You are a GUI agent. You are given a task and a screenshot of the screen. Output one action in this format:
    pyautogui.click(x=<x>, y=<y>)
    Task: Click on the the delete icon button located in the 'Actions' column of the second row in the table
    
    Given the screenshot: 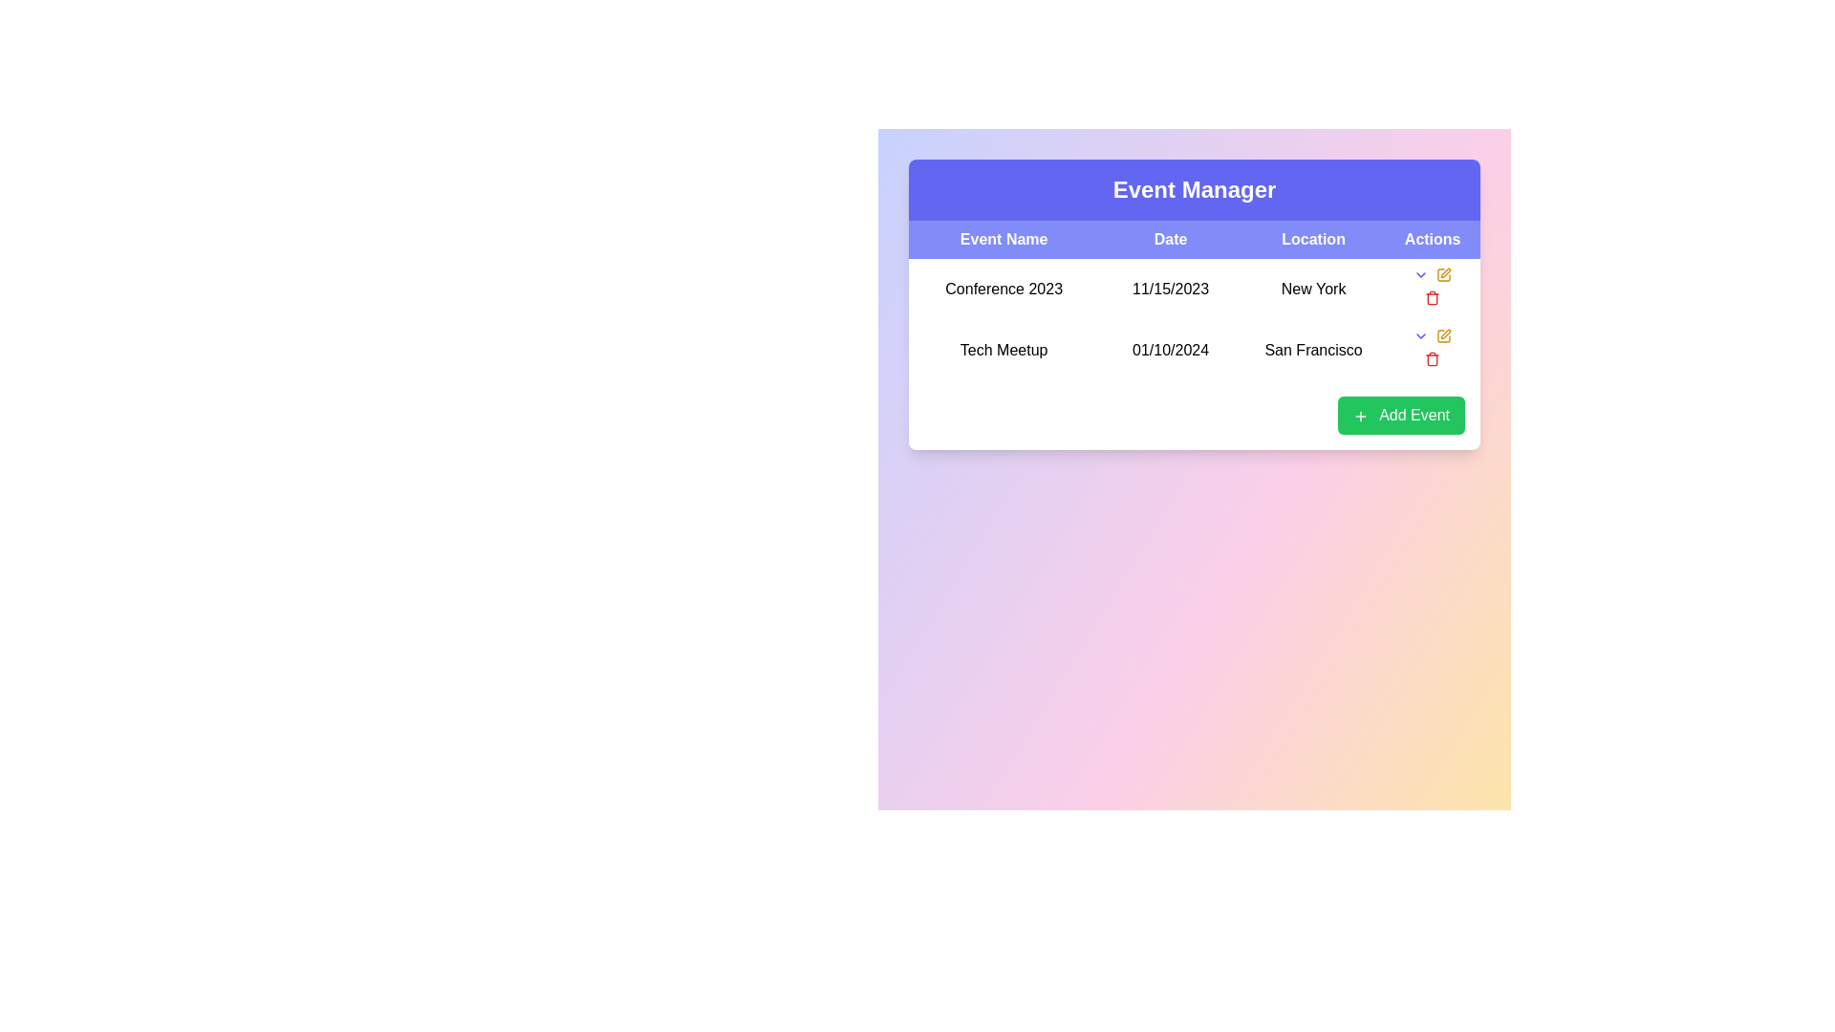 What is the action you would take?
    pyautogui.click(x=1433, y=358)
    